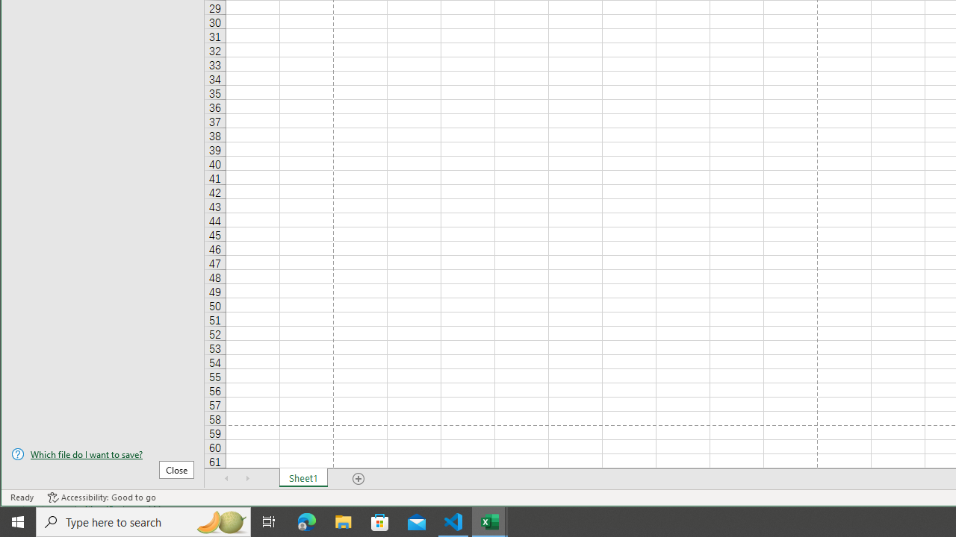 Image resolution: width=956 pixels, height=537 pixels. Describe the element at coordinates (143, 521) in the screenshot. I see `'Type here to search'` at that location.